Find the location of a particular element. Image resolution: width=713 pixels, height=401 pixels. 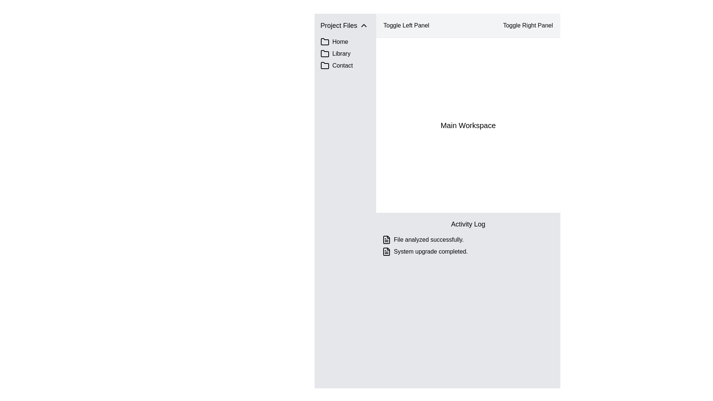

the 'Home' button in the vertical navigation menu is located at coordinates (345, 42).